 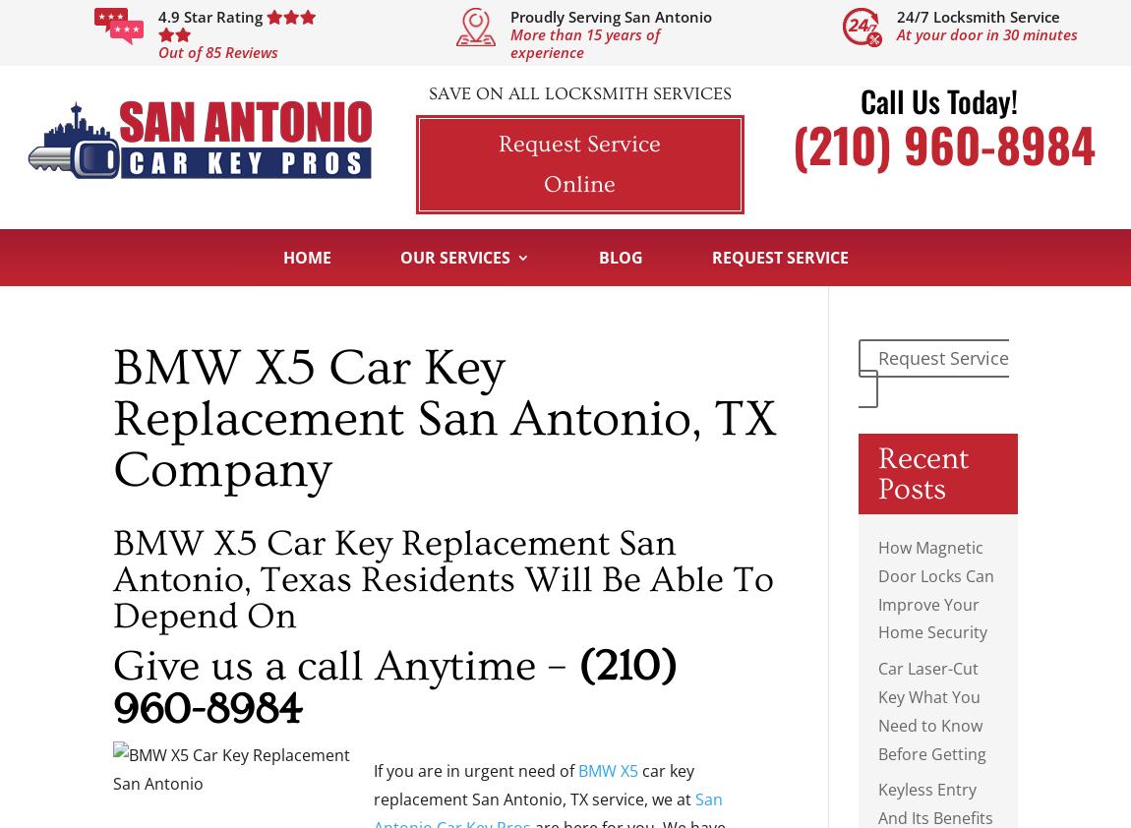 I want to click on 'BMW X5 Car Key Replacement San Antonio, Texas Residents Will Be Able To Depend On', so click(x=444, y=578).